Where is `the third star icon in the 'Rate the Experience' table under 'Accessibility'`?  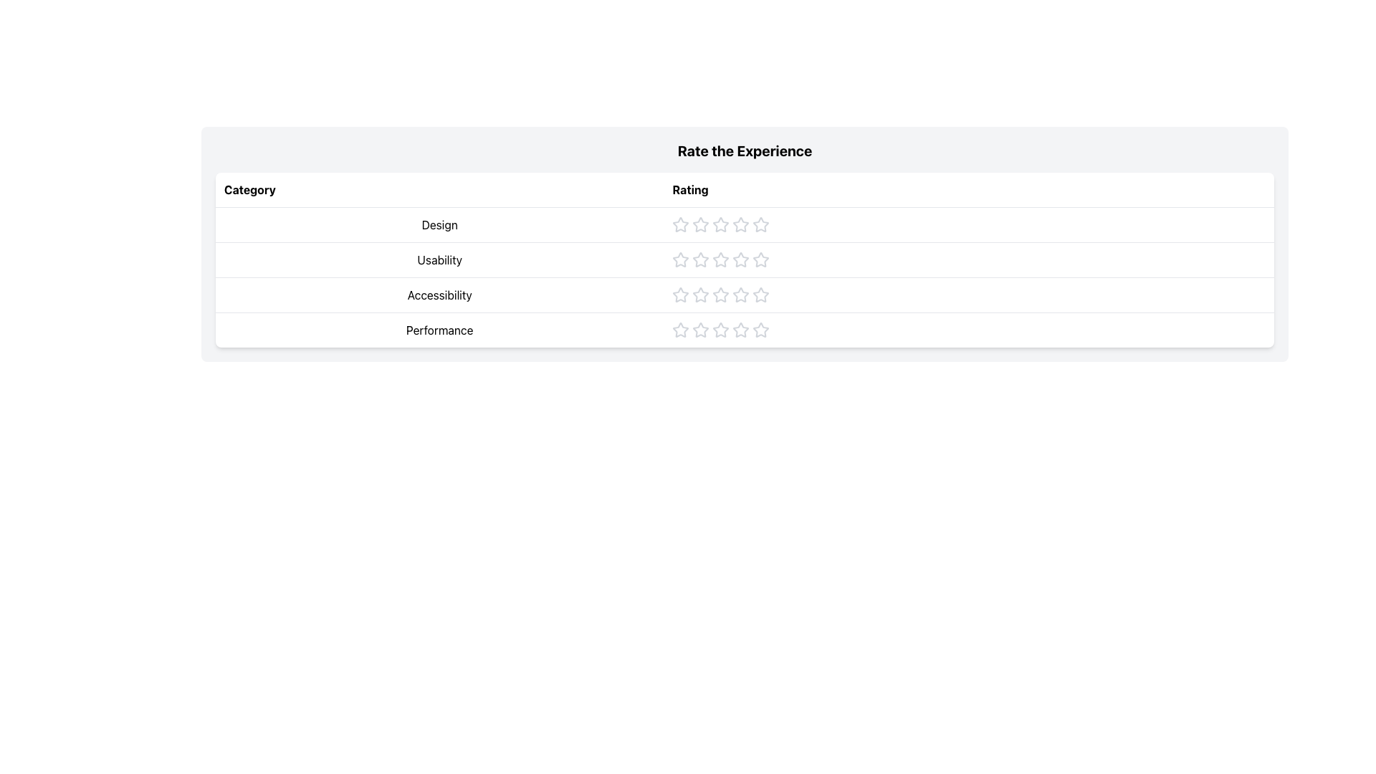 the third star icon in the 'Rate the Experience' table under 'Accessibility' is located at coordinates (701, 295).